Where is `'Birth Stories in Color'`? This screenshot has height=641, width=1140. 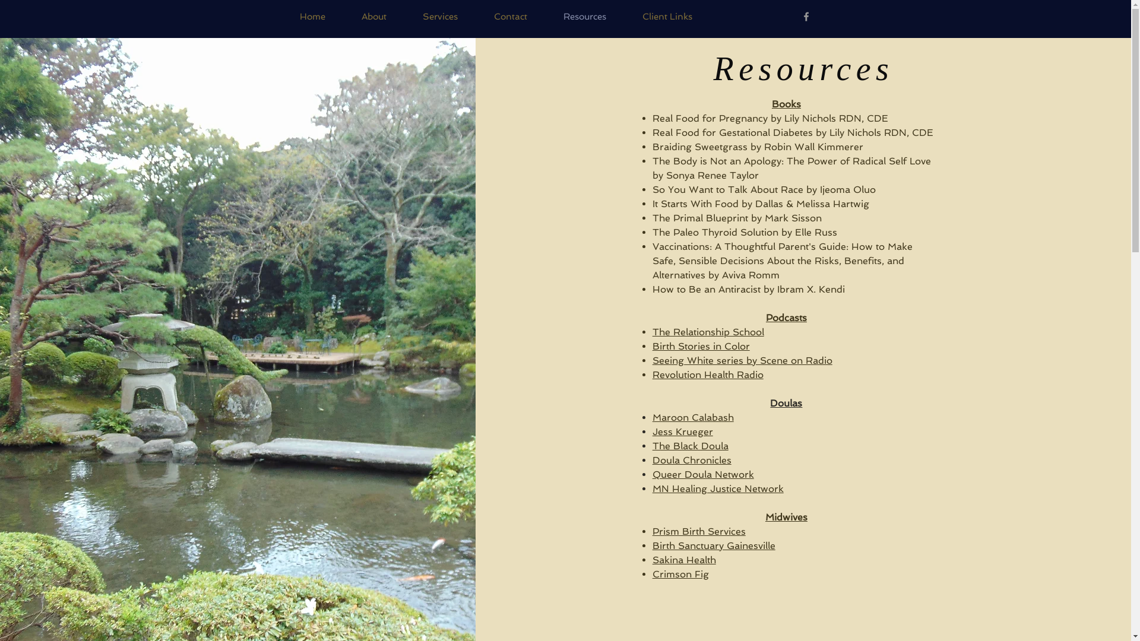 'Birth Stories in Color' is located at coordinates (652, 346).